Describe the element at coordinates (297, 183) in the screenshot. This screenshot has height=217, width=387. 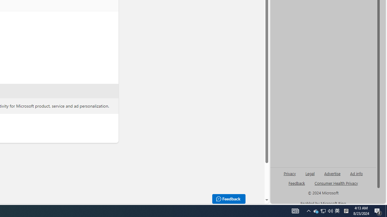
I see `'AutomationID: sb_feedback'` at that location.